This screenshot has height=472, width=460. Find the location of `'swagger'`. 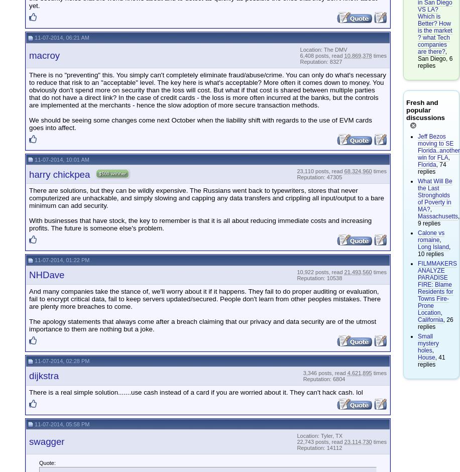

'swagger' is located at coordinates (46, 441).